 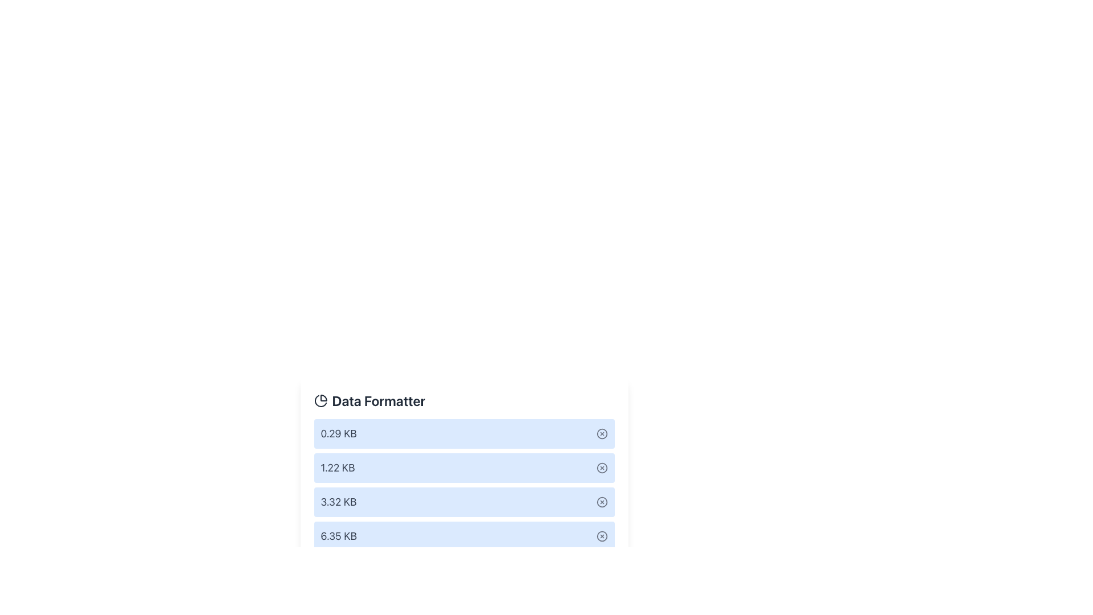 I want to click on the upper-right curve of the pie chart icon, which represents a segment of a dataset visualization, so click(x=323, y=397).